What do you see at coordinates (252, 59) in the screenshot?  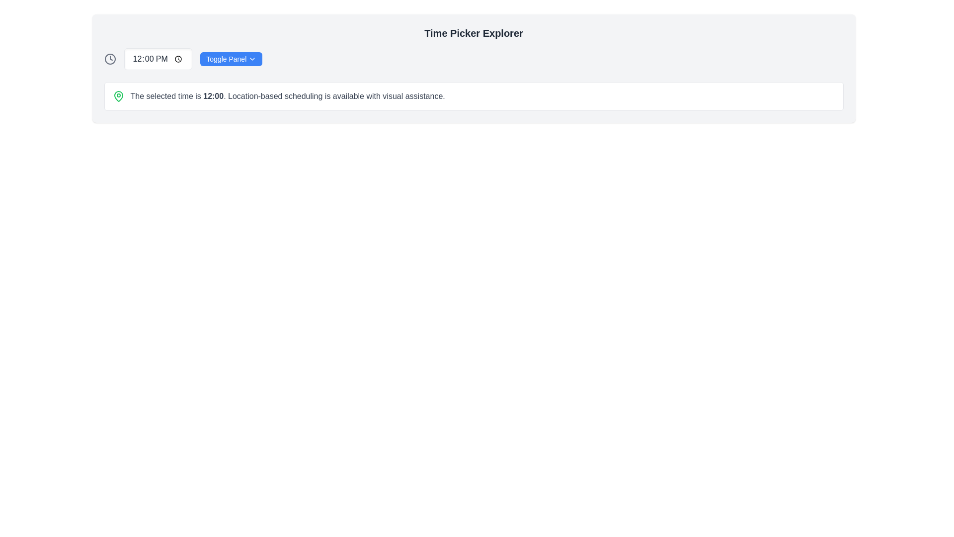 I see `the chevron-down icon located to the right of the 'Toggle Panel' button` at bounding box center [252, 59].